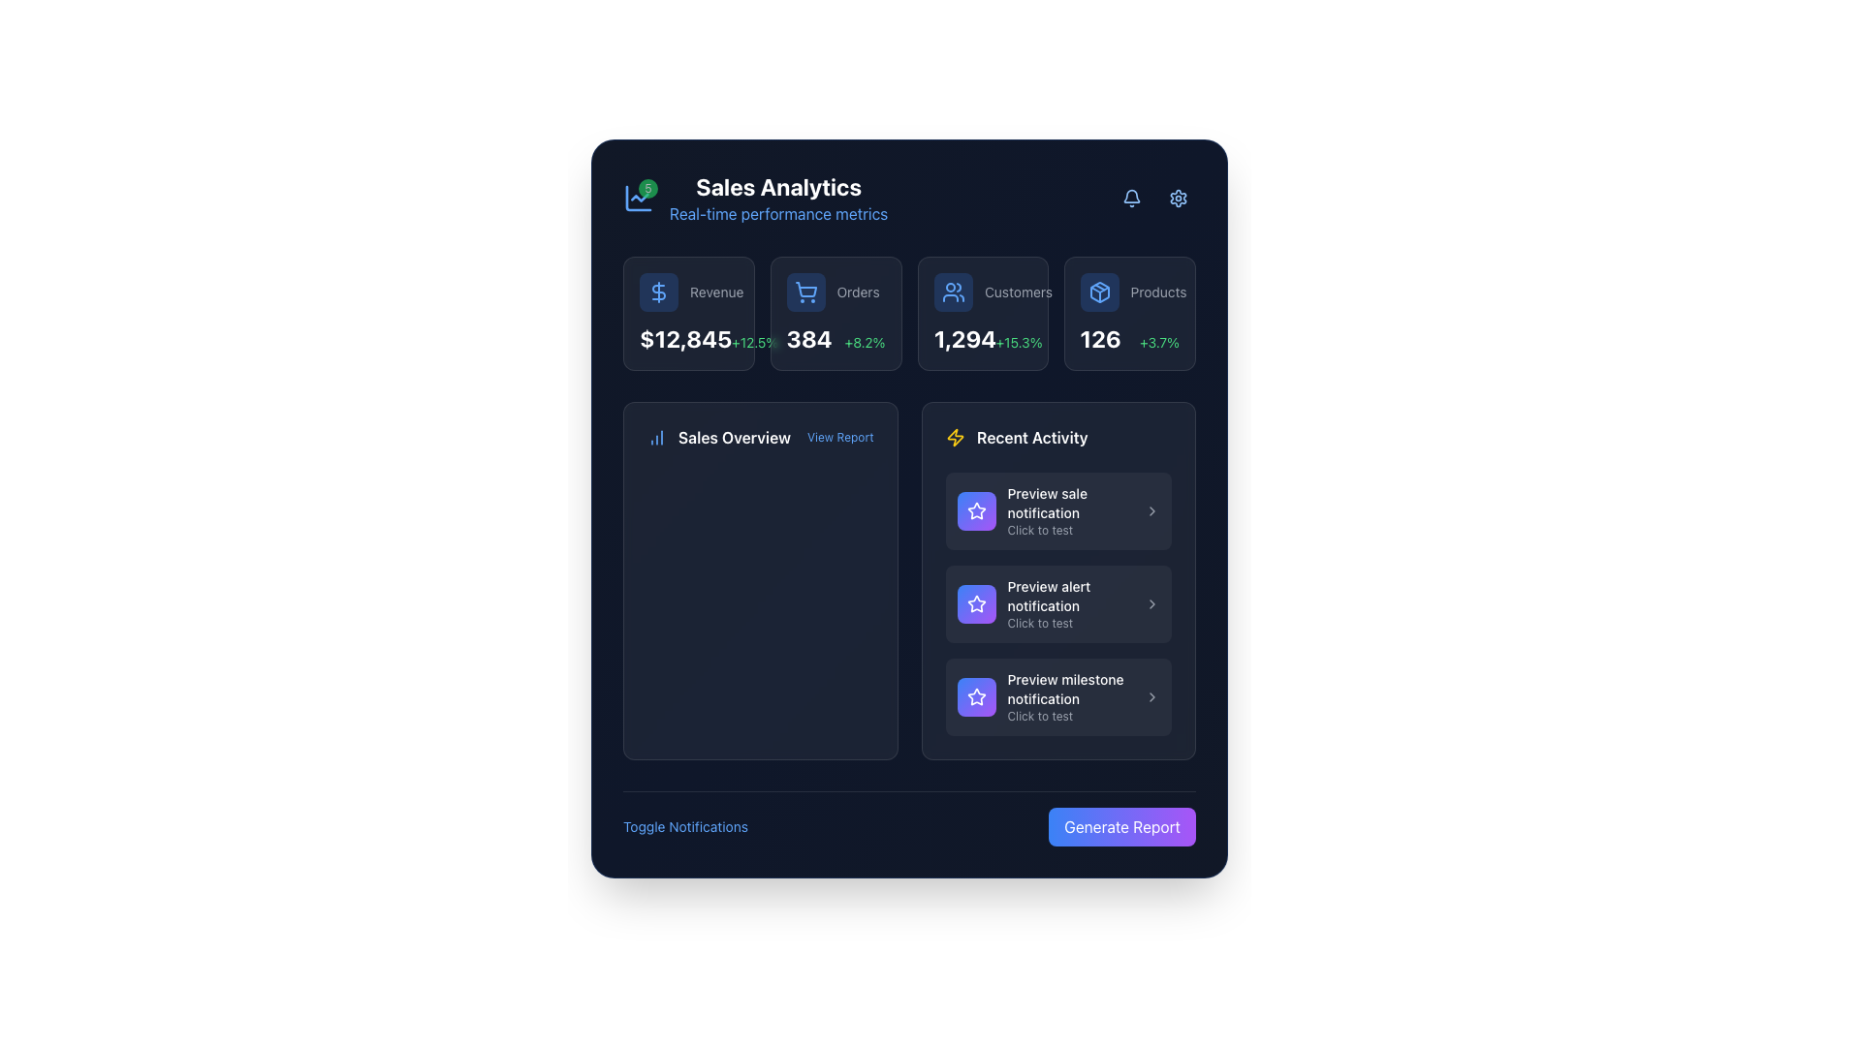 Image resolution: width=1861 pixels, height=1046 pixels. I want to click on the text display containing 'Preview sale notification' and 'Click to test' in the 'Recent Activity' section, so click(1069, 510).